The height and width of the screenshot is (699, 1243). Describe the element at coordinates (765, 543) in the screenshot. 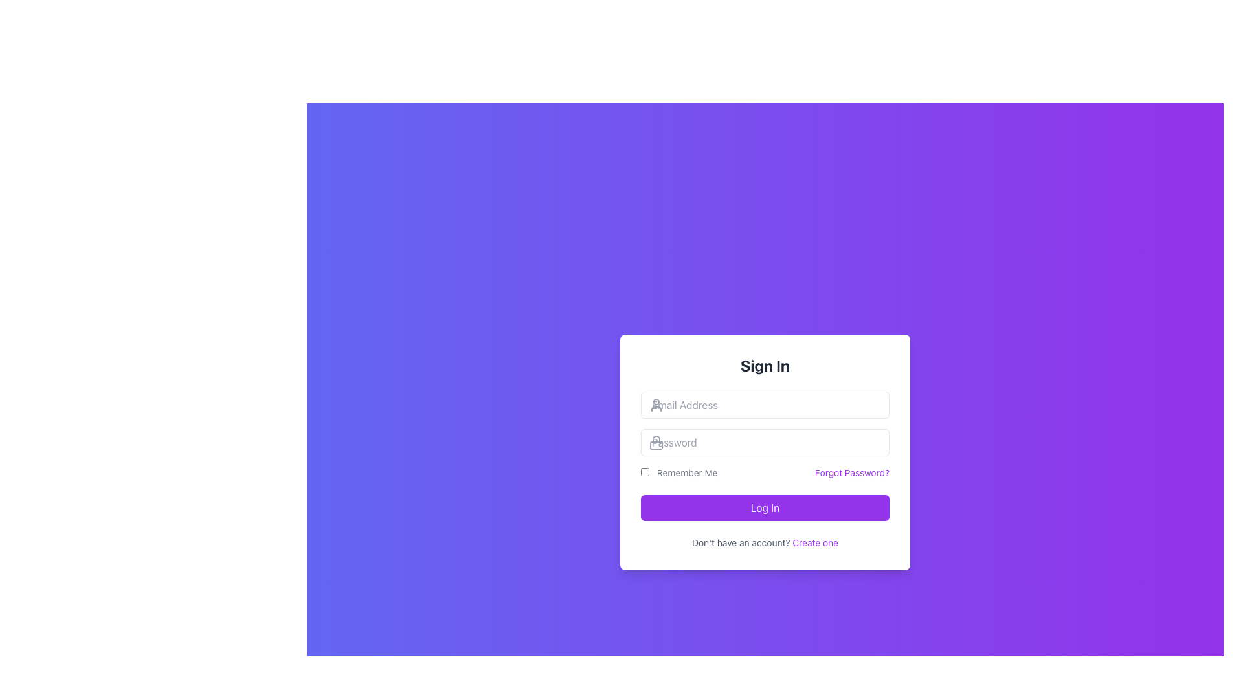

I see `the hyperlink 'Create one' in the text 'Don't have an account? Create one', which is a small gray font with the clickable part highlighted in purple` at that location.